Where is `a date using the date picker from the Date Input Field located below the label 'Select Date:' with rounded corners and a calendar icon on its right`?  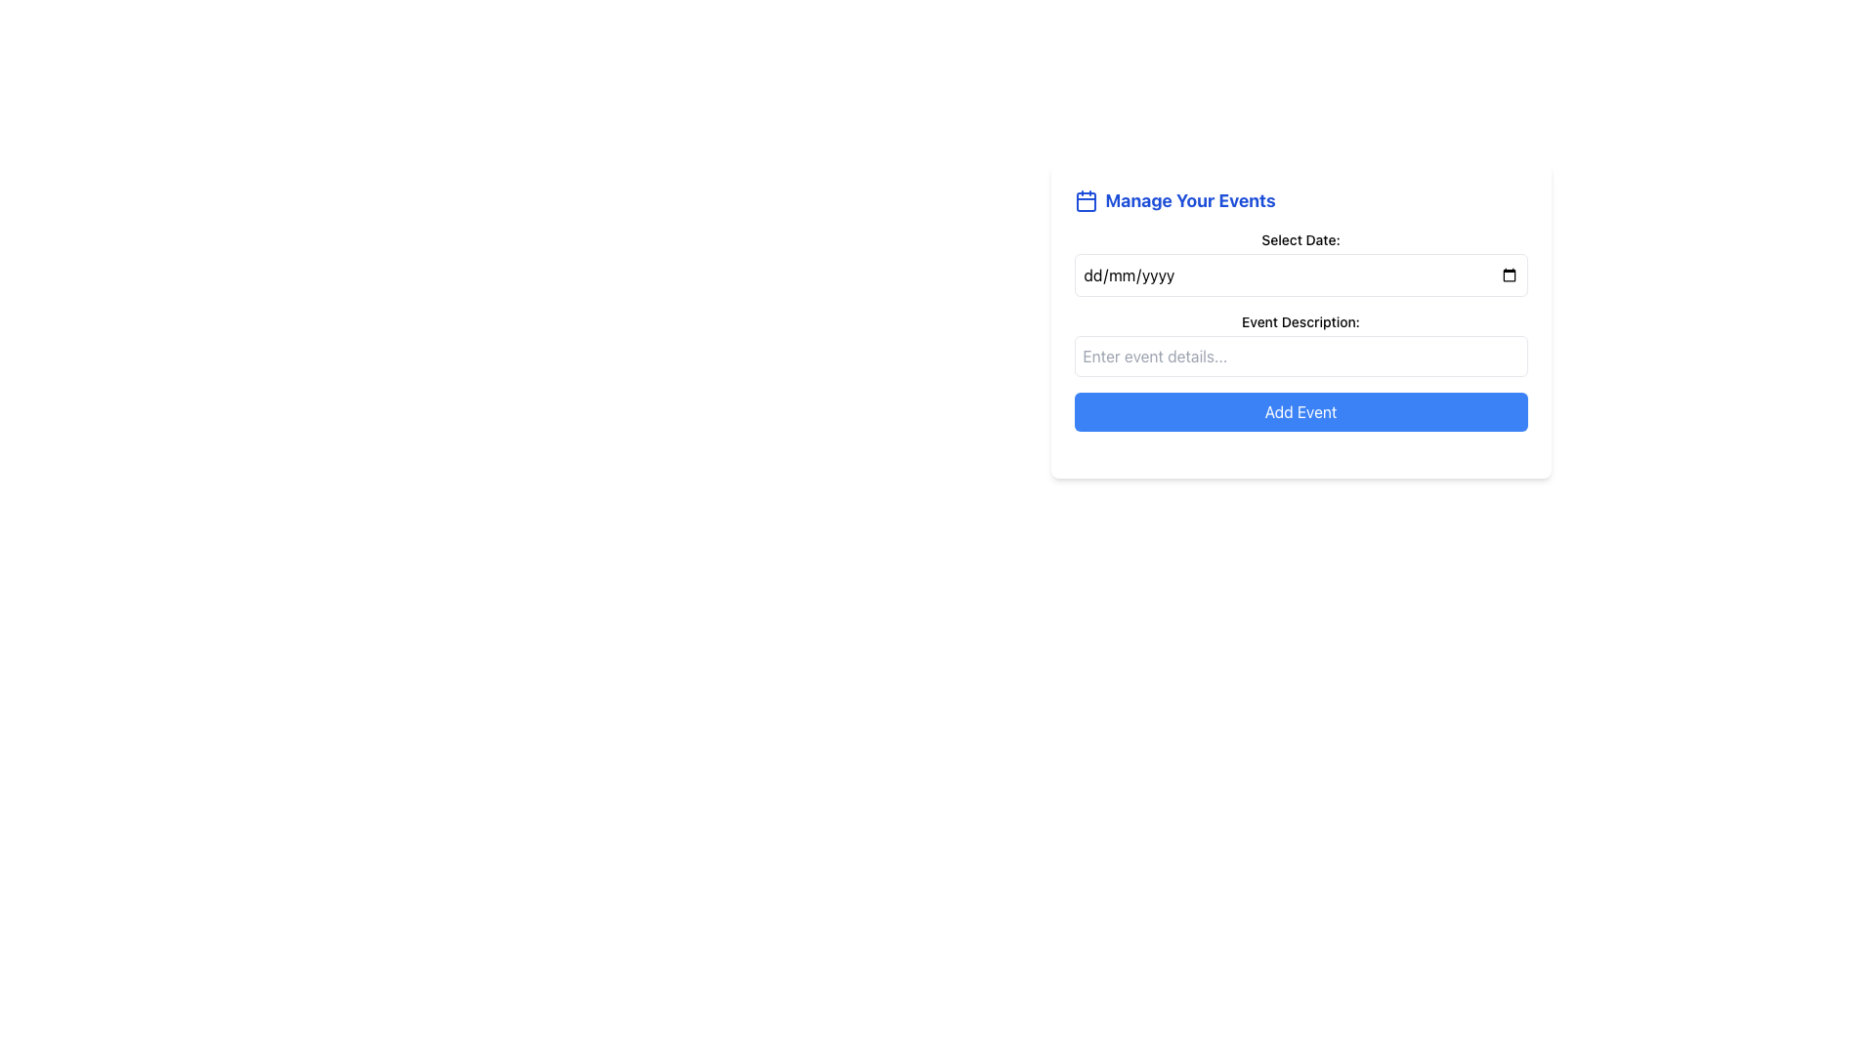
a date using the date picker from the Date Input Field located below the label 'Select Date:' with rounded corners and a calendar icon on its right is located at coordinates (1300, 274).